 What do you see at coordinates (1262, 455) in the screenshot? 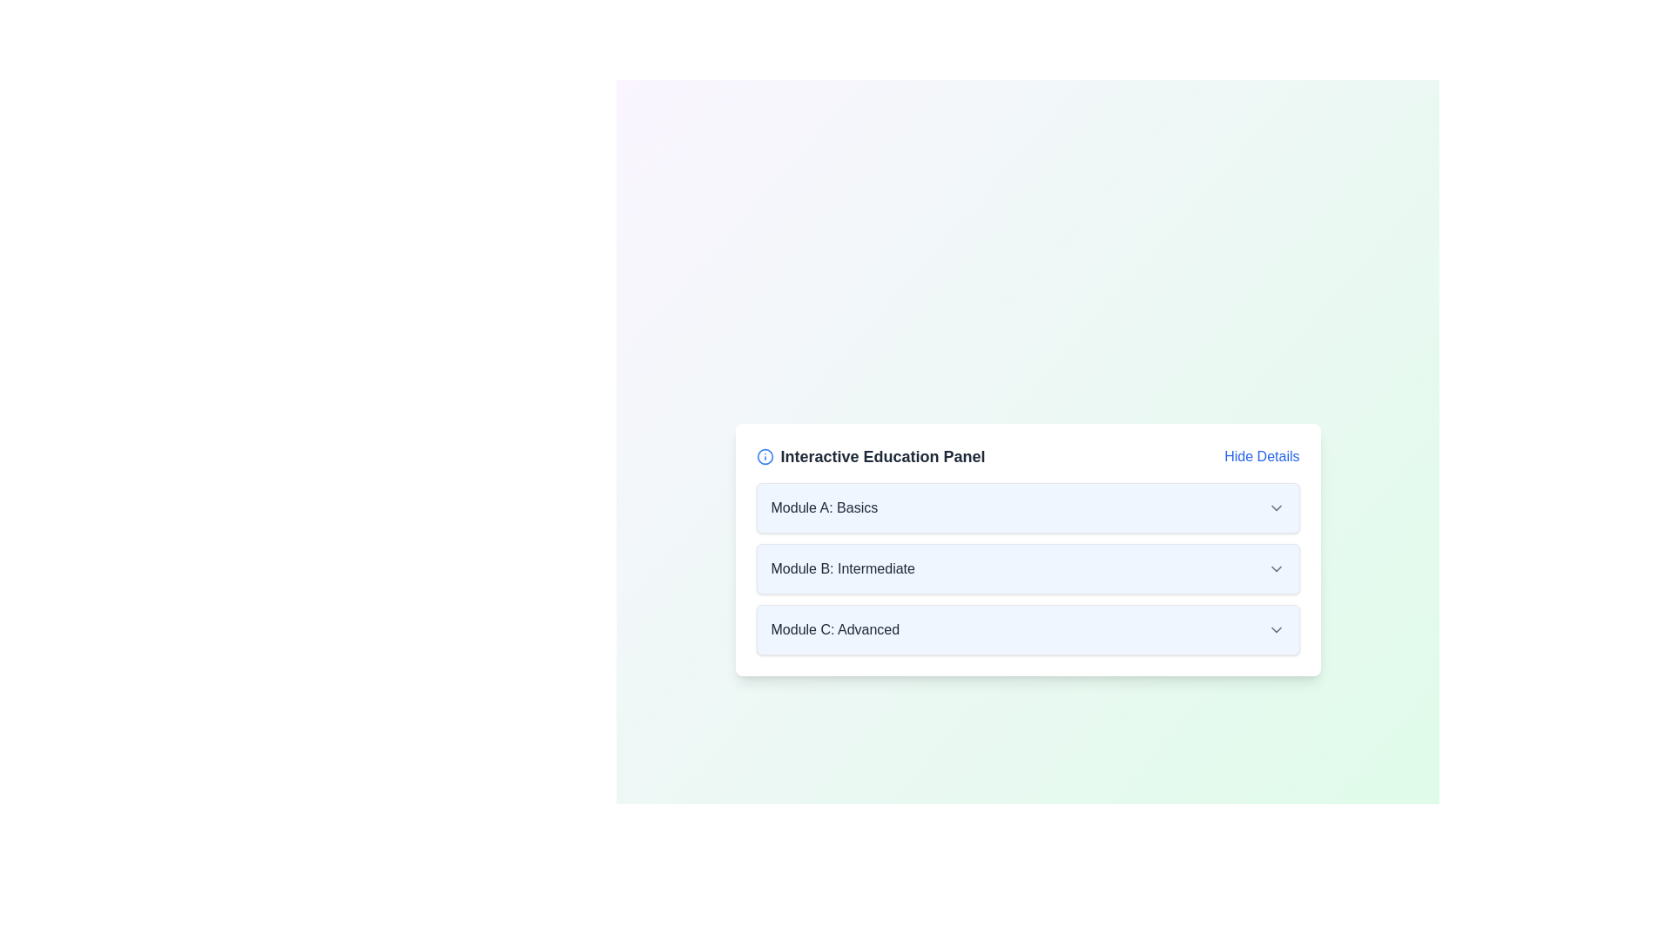
I see `the 'Hide Details' link, which is a medium-weight blue text label located at the top-right corner of the 'Interactive Education Panel'` at bounding box center [1262, 455].